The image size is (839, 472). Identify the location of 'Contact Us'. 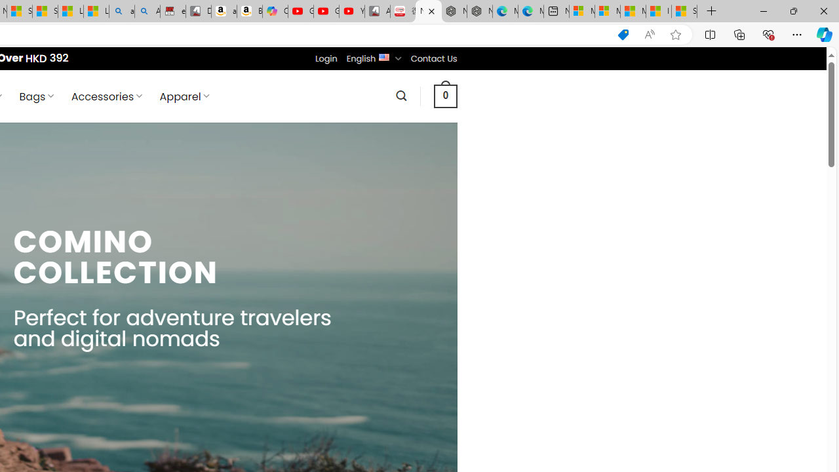
(433, 58).